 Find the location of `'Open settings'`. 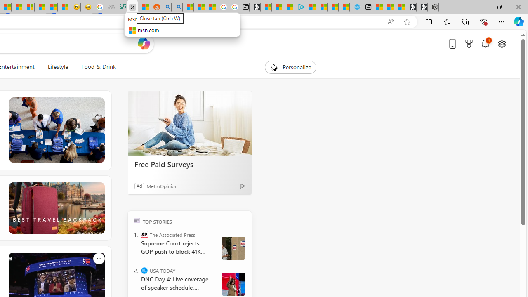

'Open settings' is located at coordinates (501, 43).